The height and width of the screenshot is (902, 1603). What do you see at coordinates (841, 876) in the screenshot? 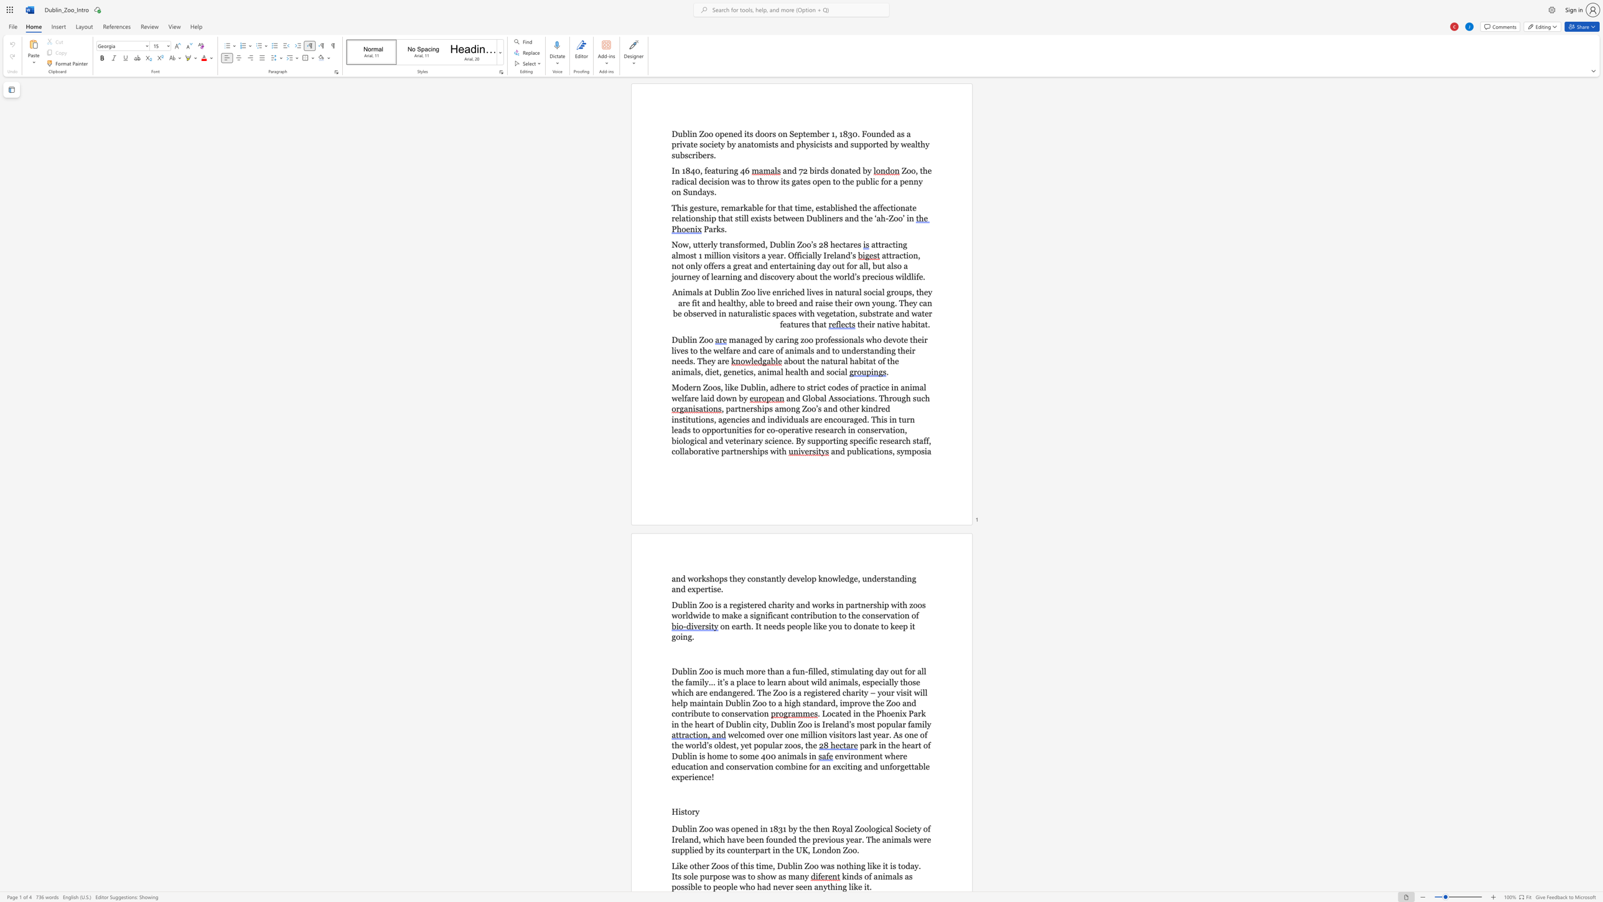
I see `the subset text "kinds of animals as possible to people who had never seen" within the text "kinds of animals as possible to people who had never seen anything like it."` at bounding box center [841, 876].